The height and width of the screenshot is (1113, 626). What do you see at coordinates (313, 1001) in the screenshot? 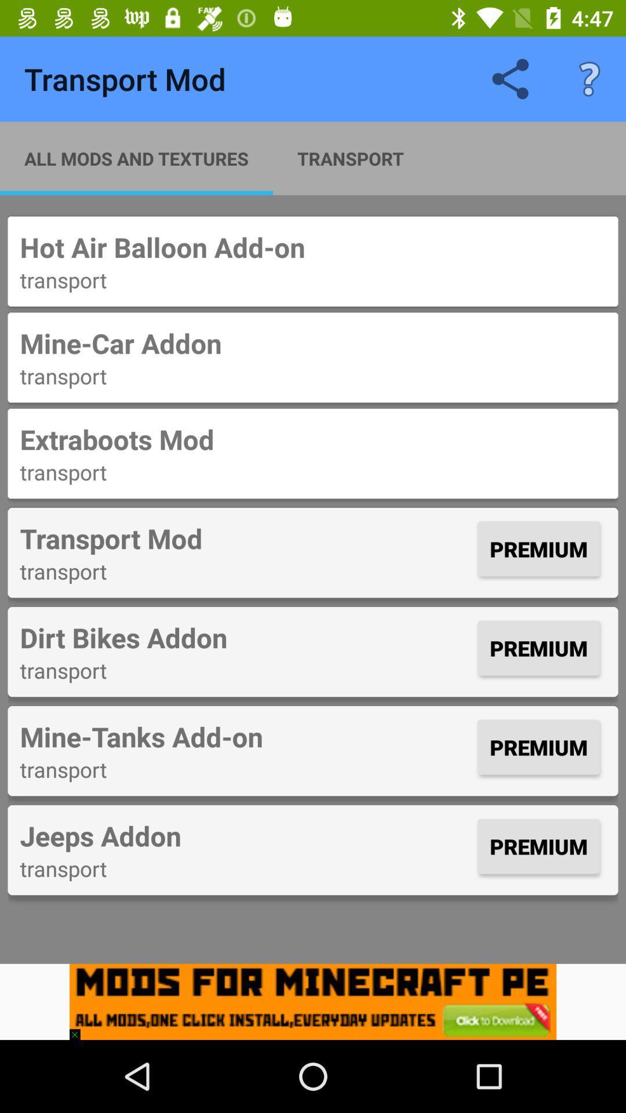
I see `the item below the transport` at bounding box center [313, 1001].